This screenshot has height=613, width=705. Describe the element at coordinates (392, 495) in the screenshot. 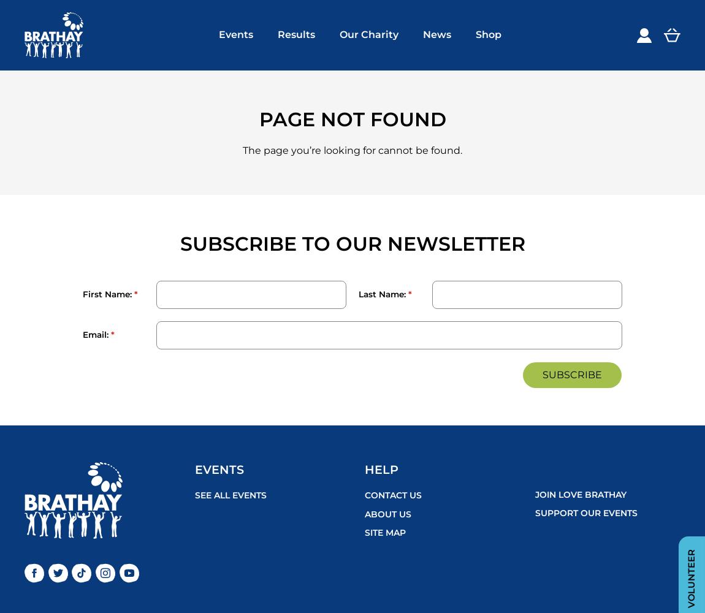

I see `'Contact Us'` at that location.